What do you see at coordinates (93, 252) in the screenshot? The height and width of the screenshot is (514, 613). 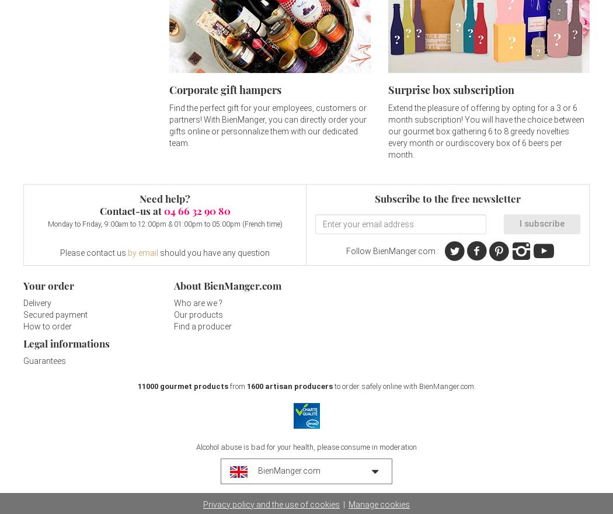 I see `'Please contact us'` at bounding box center [93, 252].